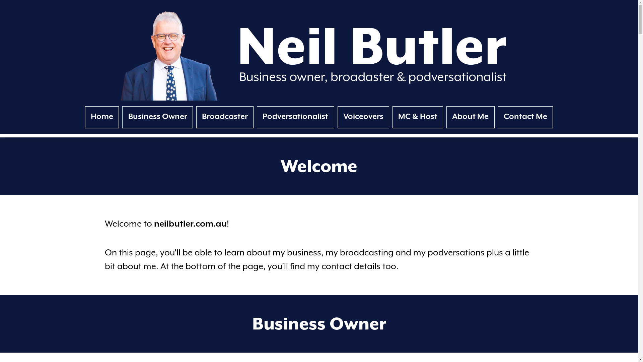 This screenshot has height=362, width=643. I want to click on 'Podversationalist', so click(295, 117).